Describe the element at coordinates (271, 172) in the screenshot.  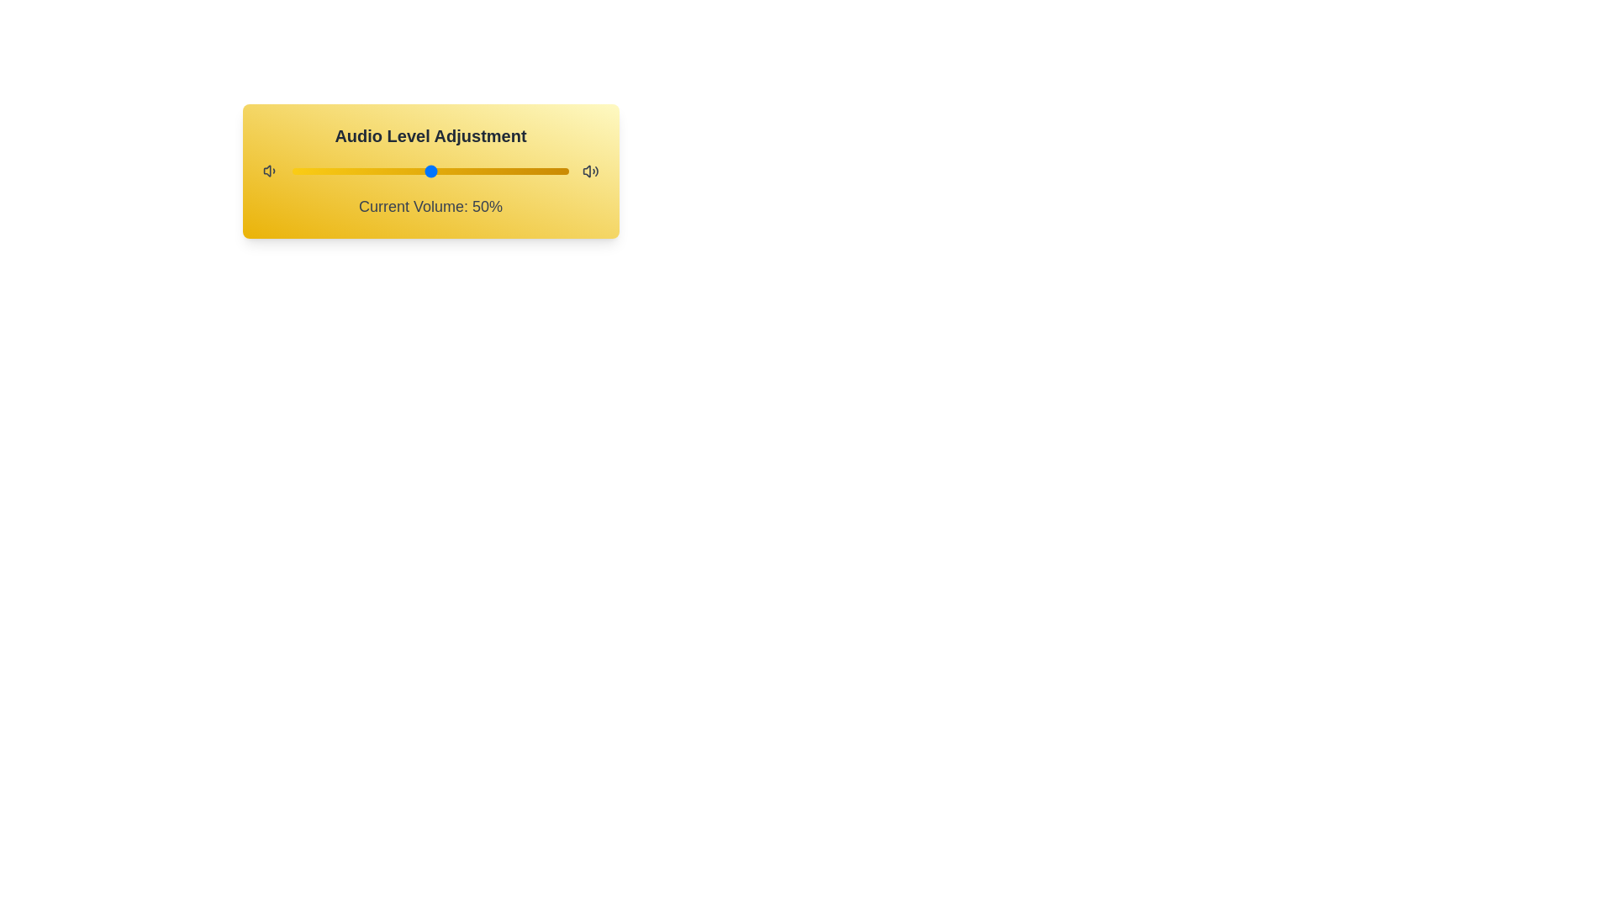
I see `the volume icon located on the leftmost side of the volume adjustment components, which marks the start of the volume adjustment range` at that location.